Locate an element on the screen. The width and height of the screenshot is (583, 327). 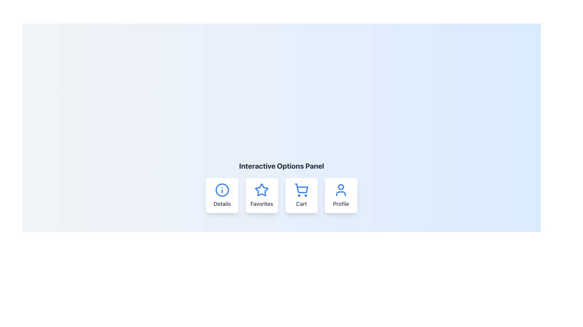
the user profile SVG icon located in the bottom-right of the interactive options panel is located at coordinates (341, 190).